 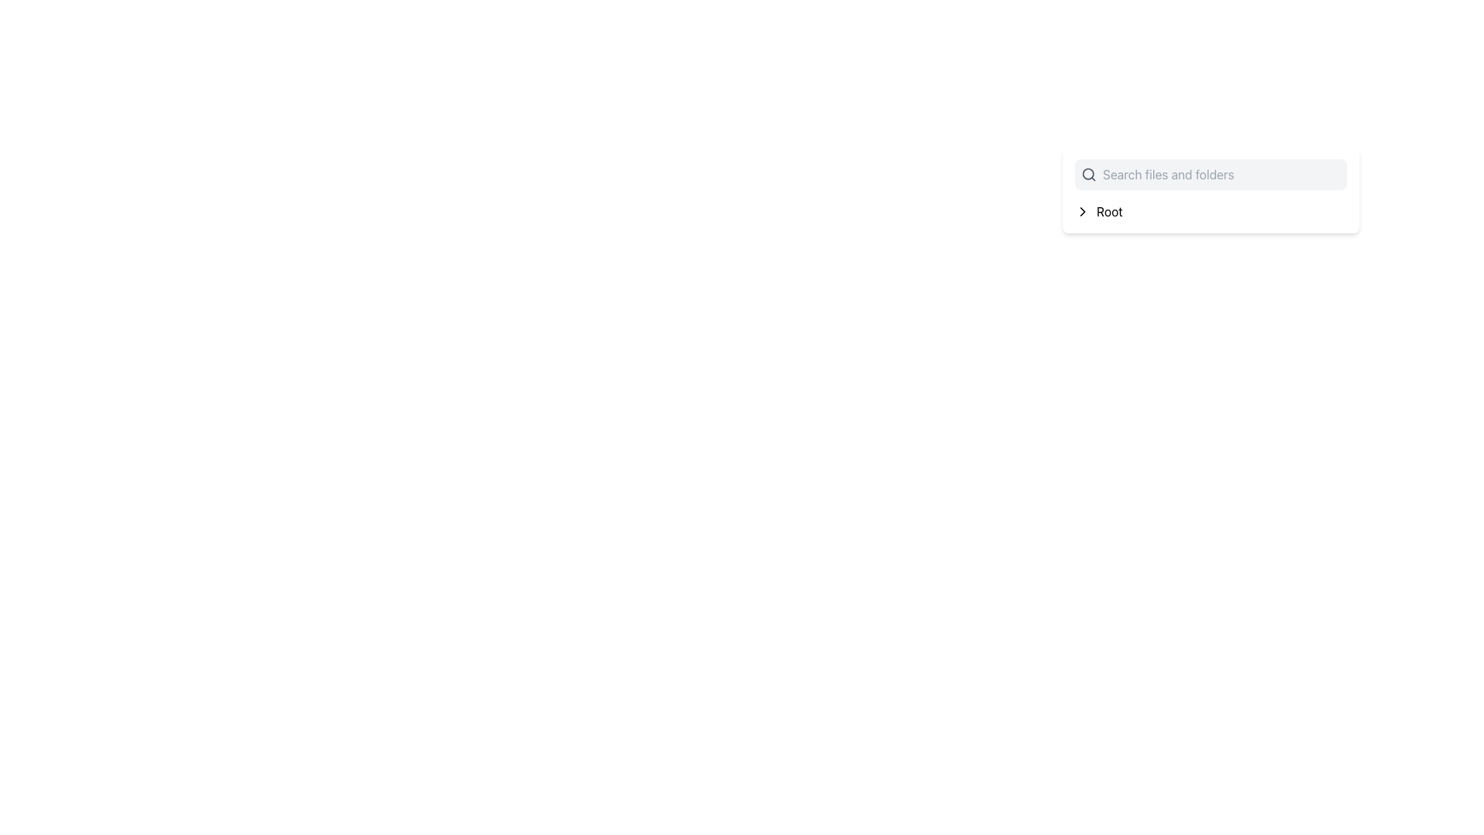 I want to click on the Chevron Arrow icon next to the 'Root' label, so click(x=1082, y=211).